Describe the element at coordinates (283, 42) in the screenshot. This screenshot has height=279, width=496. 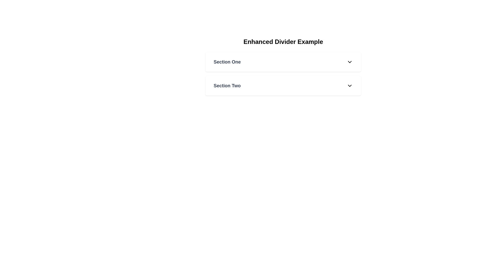
I see `the header text 'Enhanced Divider Example', which is prominently displayed in a bold, large font at the top of the section` at that location.